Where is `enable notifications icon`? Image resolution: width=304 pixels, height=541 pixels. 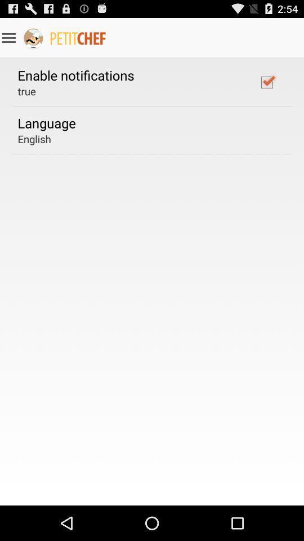 enable notifications icon is located at coordinates (76, 74).